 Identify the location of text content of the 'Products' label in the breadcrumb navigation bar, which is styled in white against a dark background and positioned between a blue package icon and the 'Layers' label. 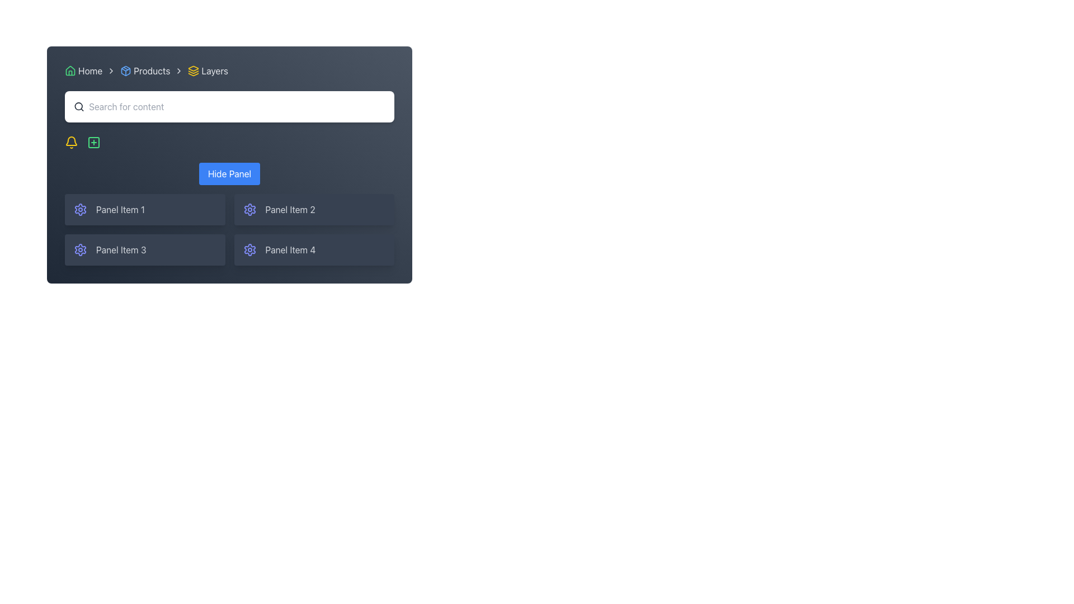
(151, 71).